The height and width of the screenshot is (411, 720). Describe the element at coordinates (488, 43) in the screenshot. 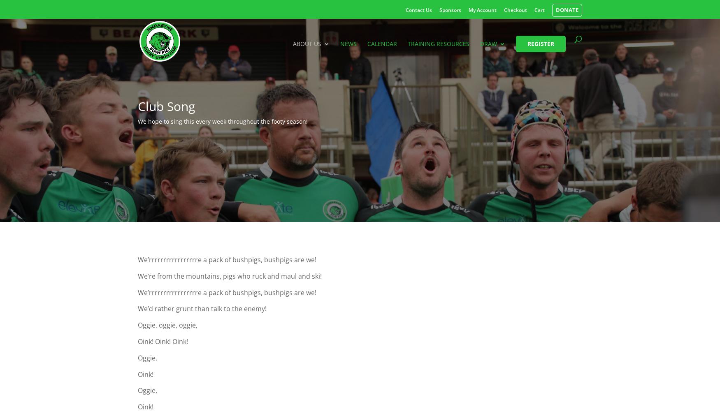

I see `'Draw'` at that location.